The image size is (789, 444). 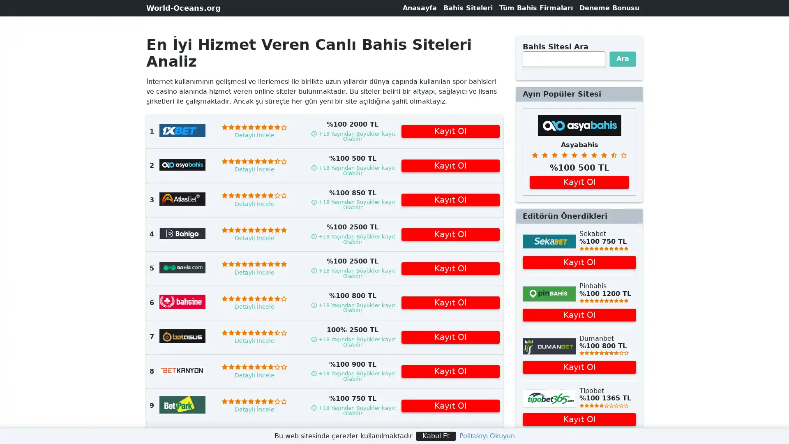 What do you see at coordinates (352, 136) in the screenshot?
I see `Load terms and conditions` at bounding box center [352, 136].